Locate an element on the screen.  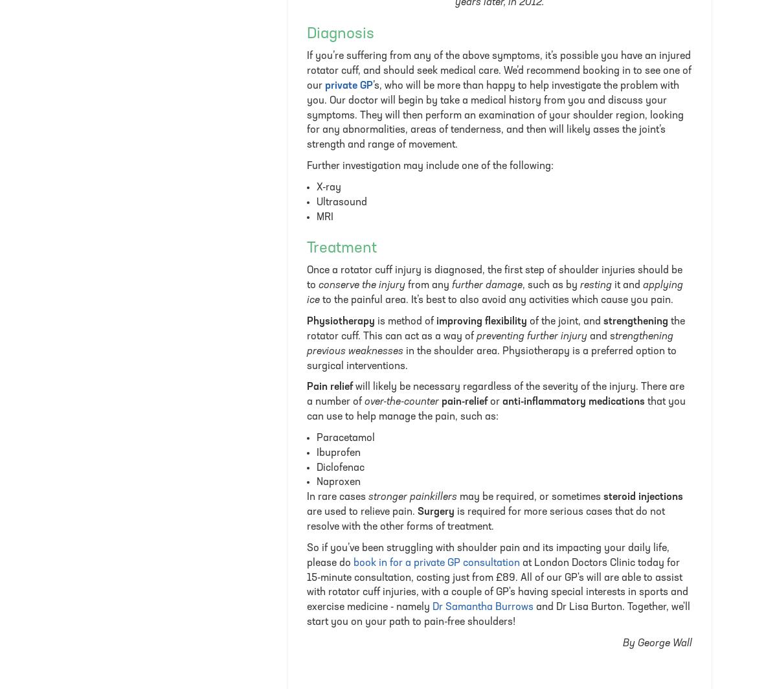
'to the painful area. It’s best to also avoid any activities which cause you pain.' is located at coordinates (319, 300).